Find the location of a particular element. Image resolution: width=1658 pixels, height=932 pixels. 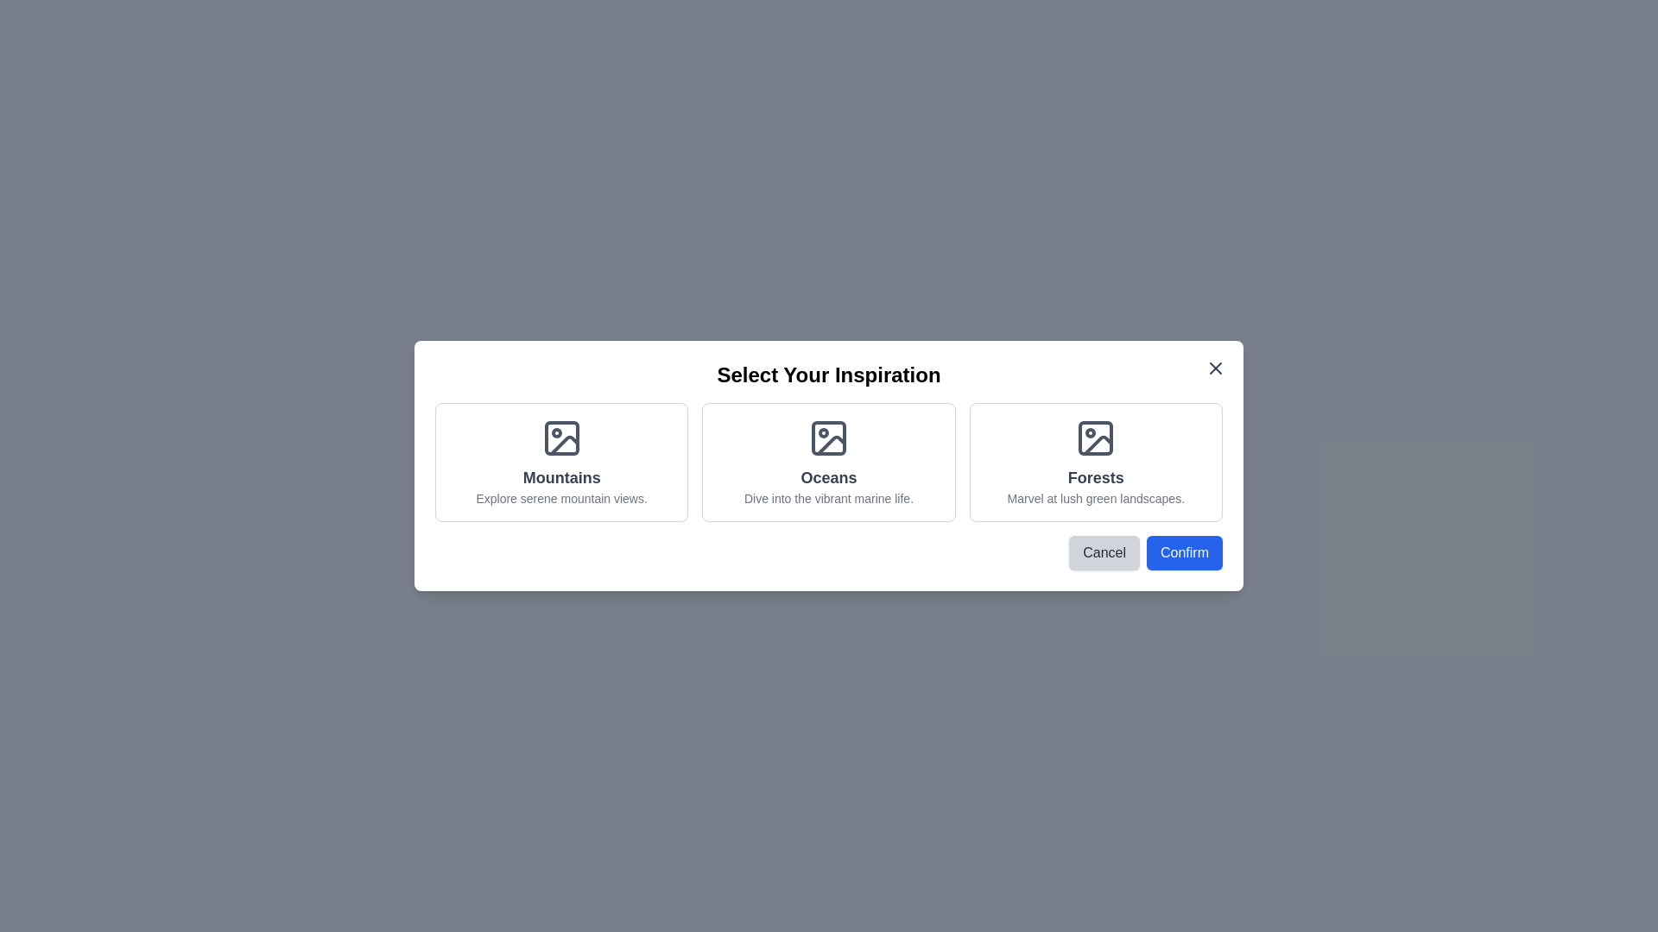

the text label 'Oceans' which is prominently displayed in a larger bold font, located in the central card of the 'Select Your Inspiration' modal is located at coordinates (829, 478).